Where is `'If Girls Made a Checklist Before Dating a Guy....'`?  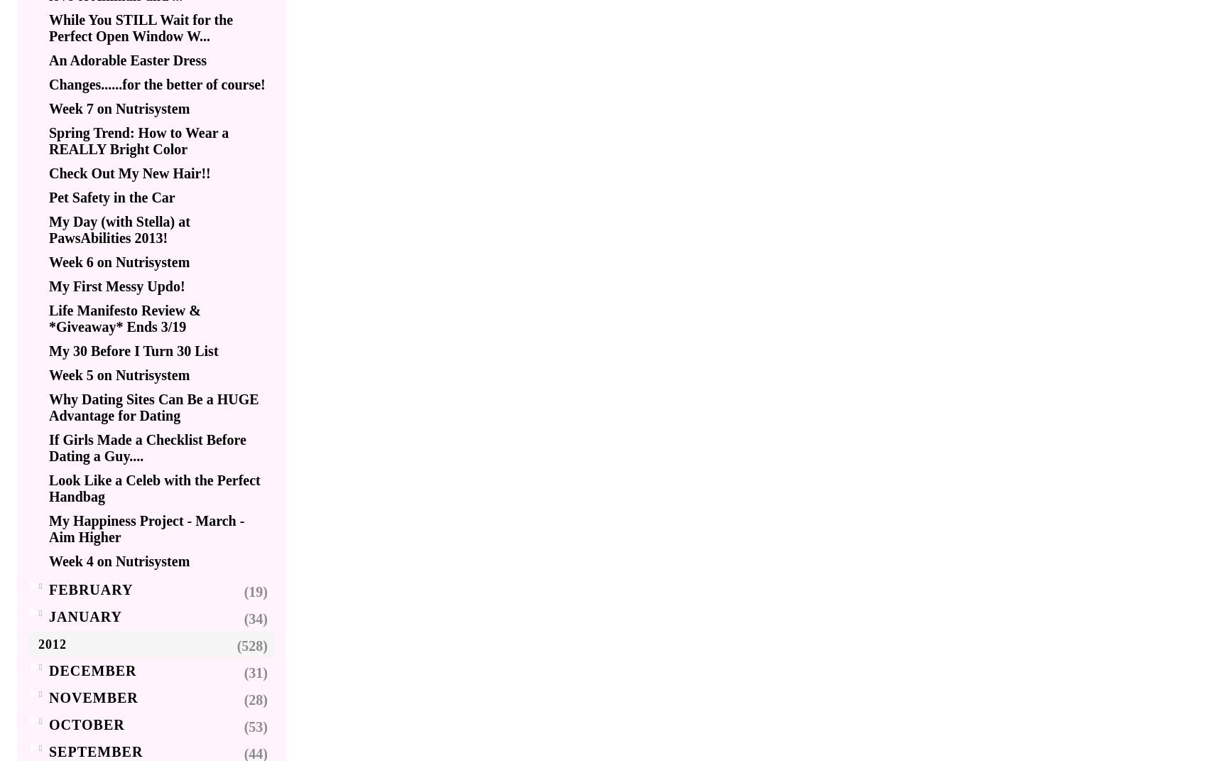
'If Girls Made a Checklist Before Dating a Guy....' is located at coordinates (147, 447).